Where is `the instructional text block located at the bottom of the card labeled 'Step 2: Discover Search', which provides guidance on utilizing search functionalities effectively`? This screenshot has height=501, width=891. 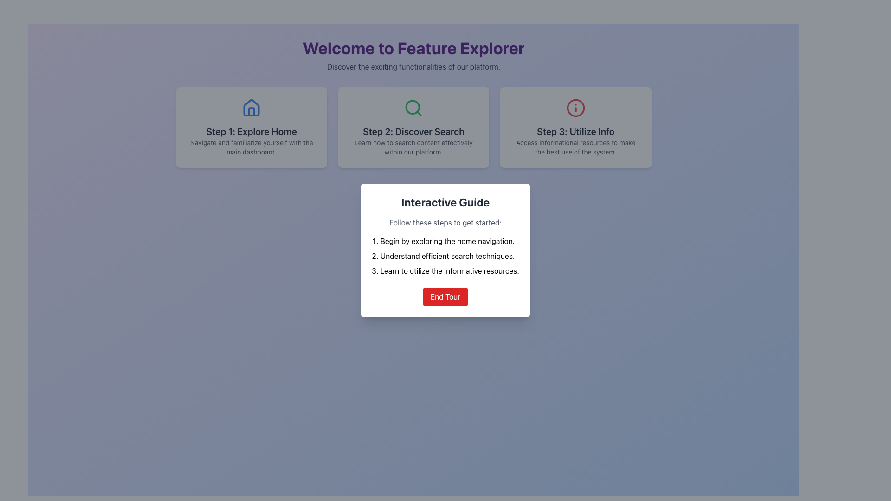 the instructional text block located at the bottom of the card labeled 'Step 2: Discover Search', which provides guidance on utilizing search functionalities effectively is located at coordinates (413, 147).